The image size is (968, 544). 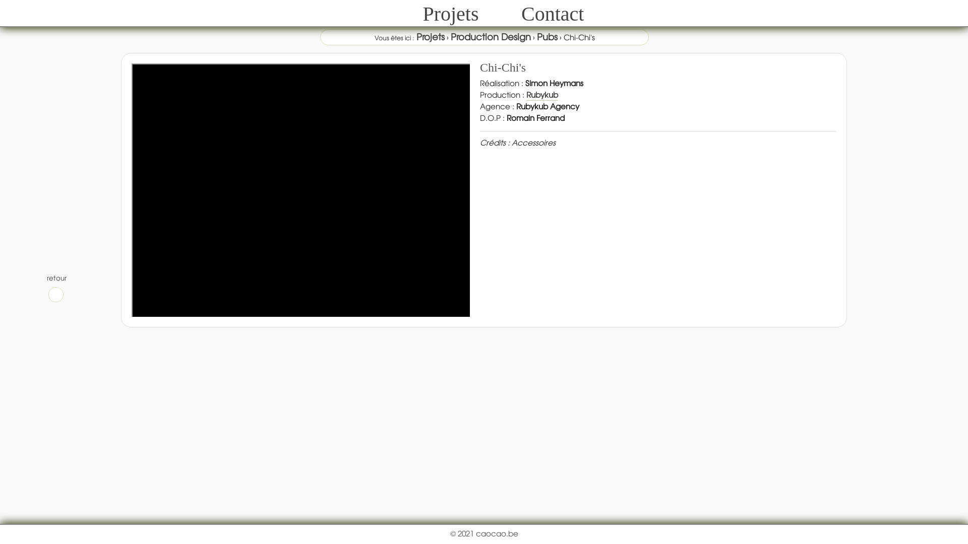 I want to click on 'Pubs', so click(x=546, y=36).